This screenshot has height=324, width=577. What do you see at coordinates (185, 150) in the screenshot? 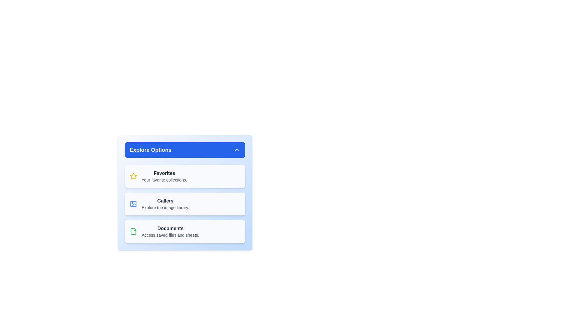
I see `the toggle button that expands or collapses additional options in the card-like component` at bounding box center [185, 150].